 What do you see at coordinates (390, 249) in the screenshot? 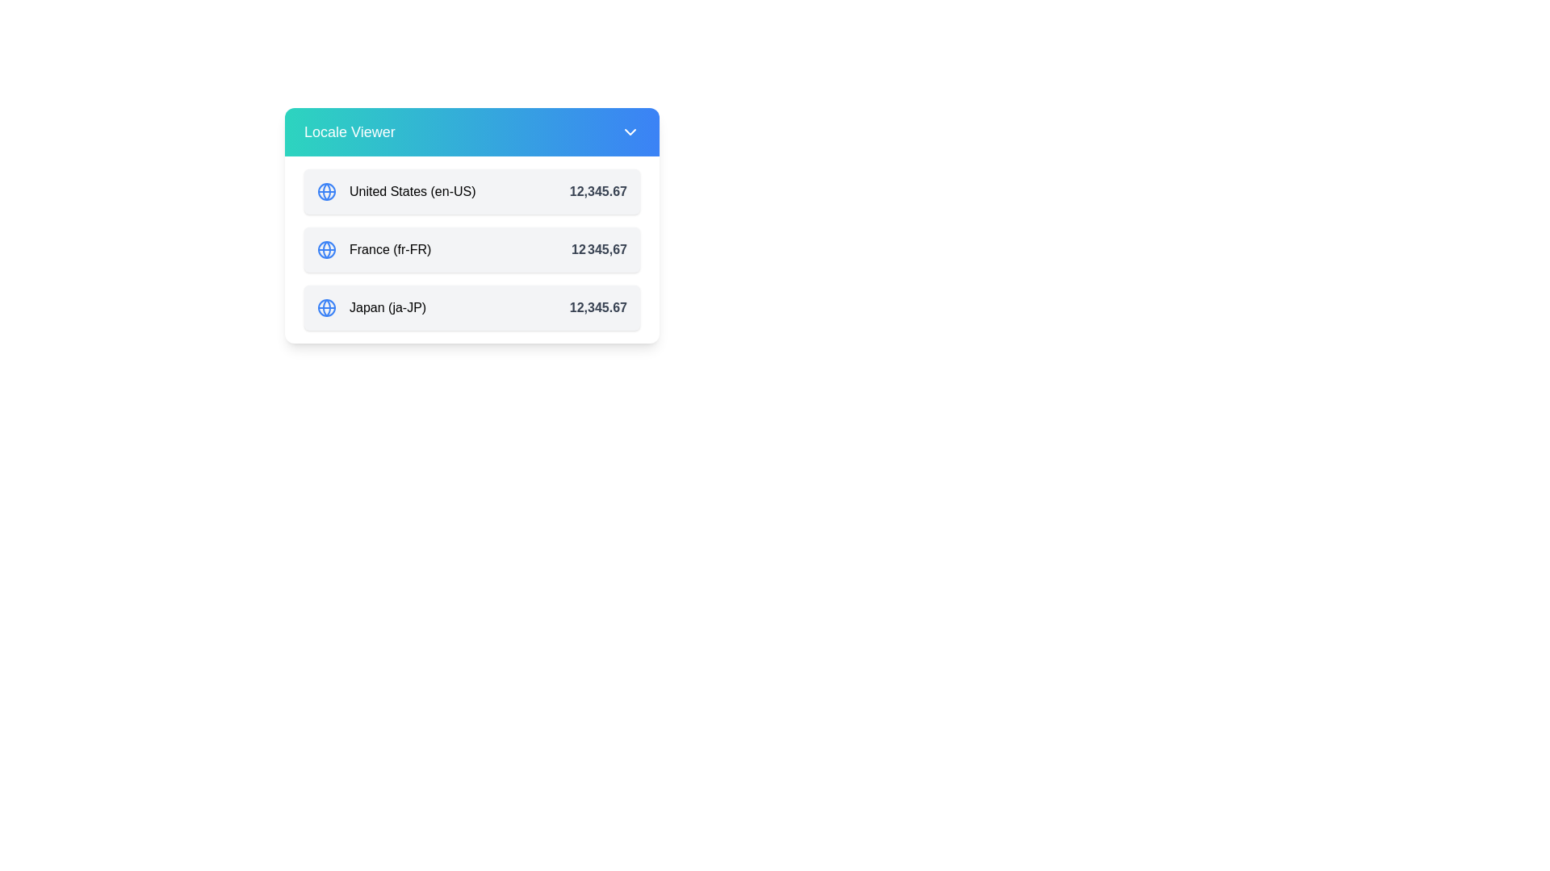
I see `the text label identifying the location 'France' with locale code 'fr-FR' in the Locale Viewer interface, which is positioned between 'United States (en-US)' and 'Japan (ja-JP)` at bounding box center [390, 249].